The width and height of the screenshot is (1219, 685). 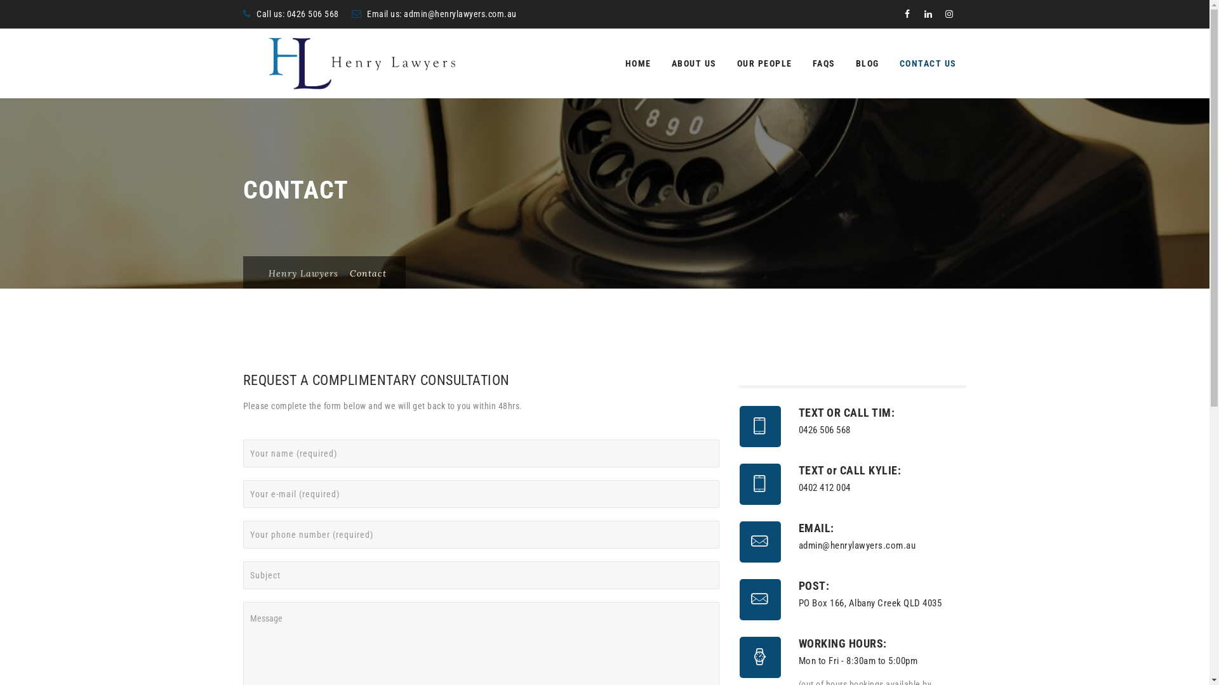 What do you see at coordinates (267, 273) in the screenshot?
I see `'Henry Lawyers'` at bounding box center [267, 273].